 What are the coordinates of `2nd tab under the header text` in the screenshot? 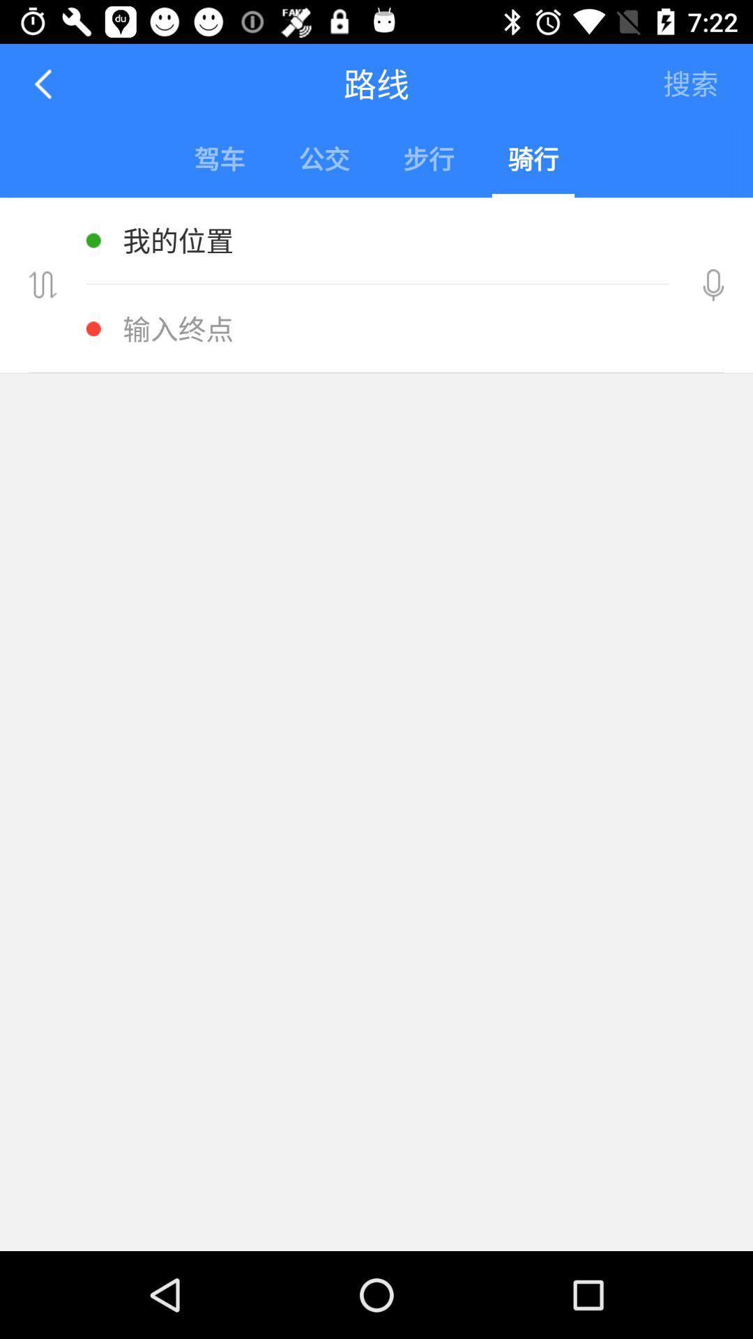 It's located at (324, 161).